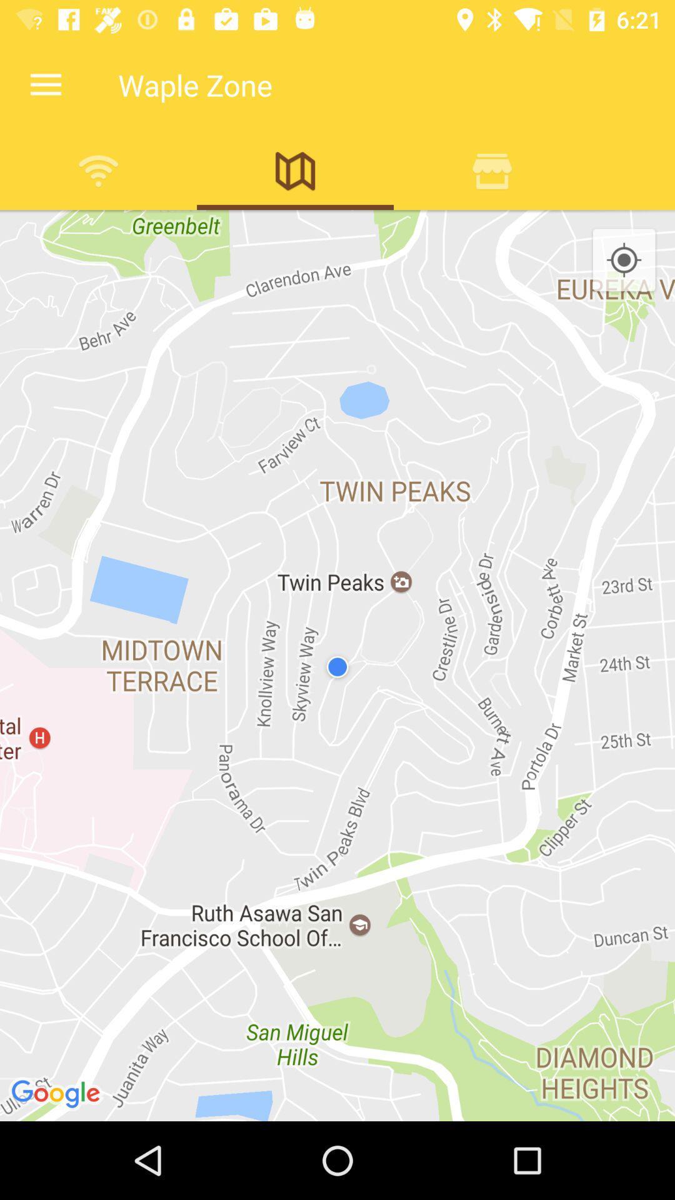  What do you see at coordinates (97, 170) in the screenshot?
I see `wifi` at bounding box center [97, 170].